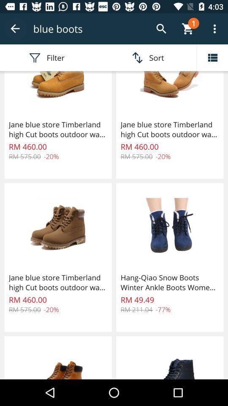 The image size is (228, 406). What do you see at coordinates (15, 29) in the screenshot?
I see `go back` at bounding box center [15, 29].